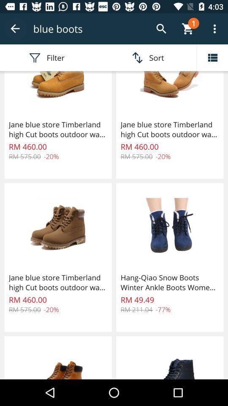 The image size is (228, 406). What do you see at coordinates (15, 29) in the screenshot?
I see `go back` at bounding box center [15, 29].